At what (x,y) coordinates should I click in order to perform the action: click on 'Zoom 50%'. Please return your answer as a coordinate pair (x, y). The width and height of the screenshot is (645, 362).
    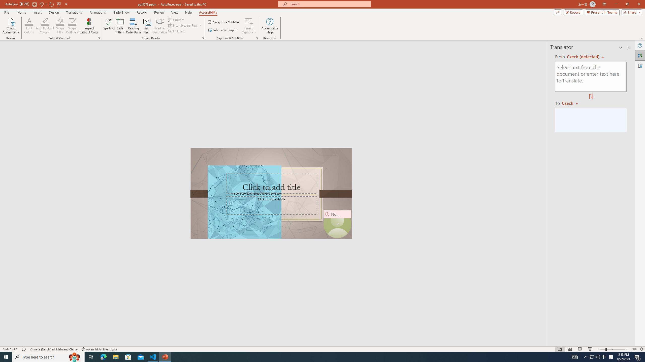
    Looking at the image, I should click on (634, 349).